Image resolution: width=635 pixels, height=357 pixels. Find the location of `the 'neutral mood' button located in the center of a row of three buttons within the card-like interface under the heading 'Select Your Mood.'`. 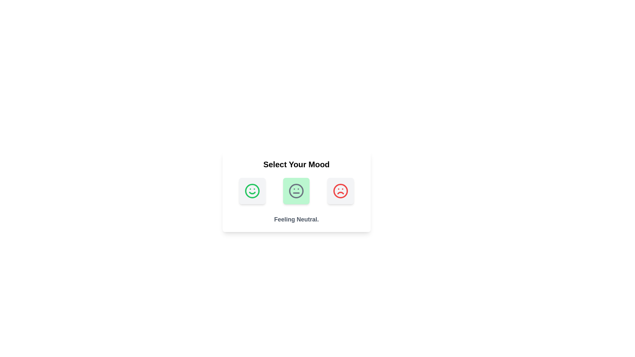

the 'neutral mood' button located in the center of a row of three buttons within the card-like interface under the heading 'Select Your Mood.' is located at coordinates (296, 191).